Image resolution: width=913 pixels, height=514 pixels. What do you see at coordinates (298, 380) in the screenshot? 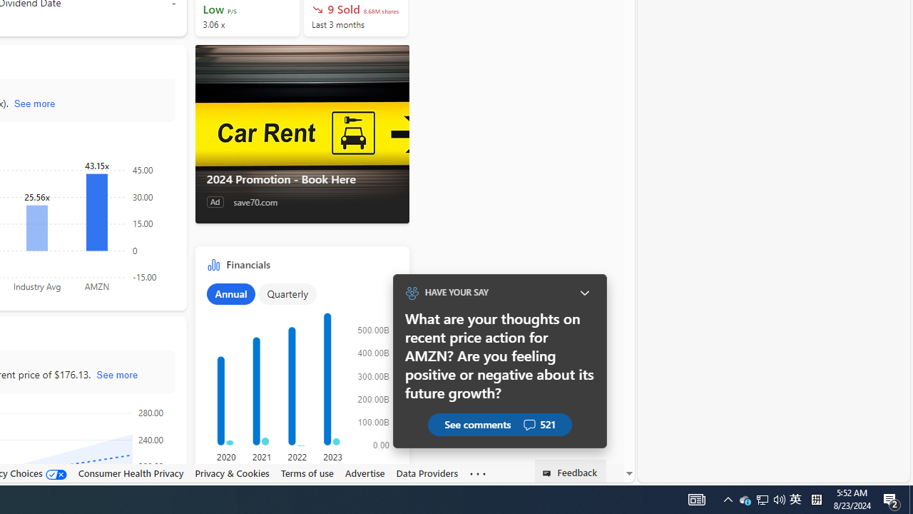
I see `'Class: chartOuter-DS-EntryPoint1-1'` at bounding box center [298, 380].